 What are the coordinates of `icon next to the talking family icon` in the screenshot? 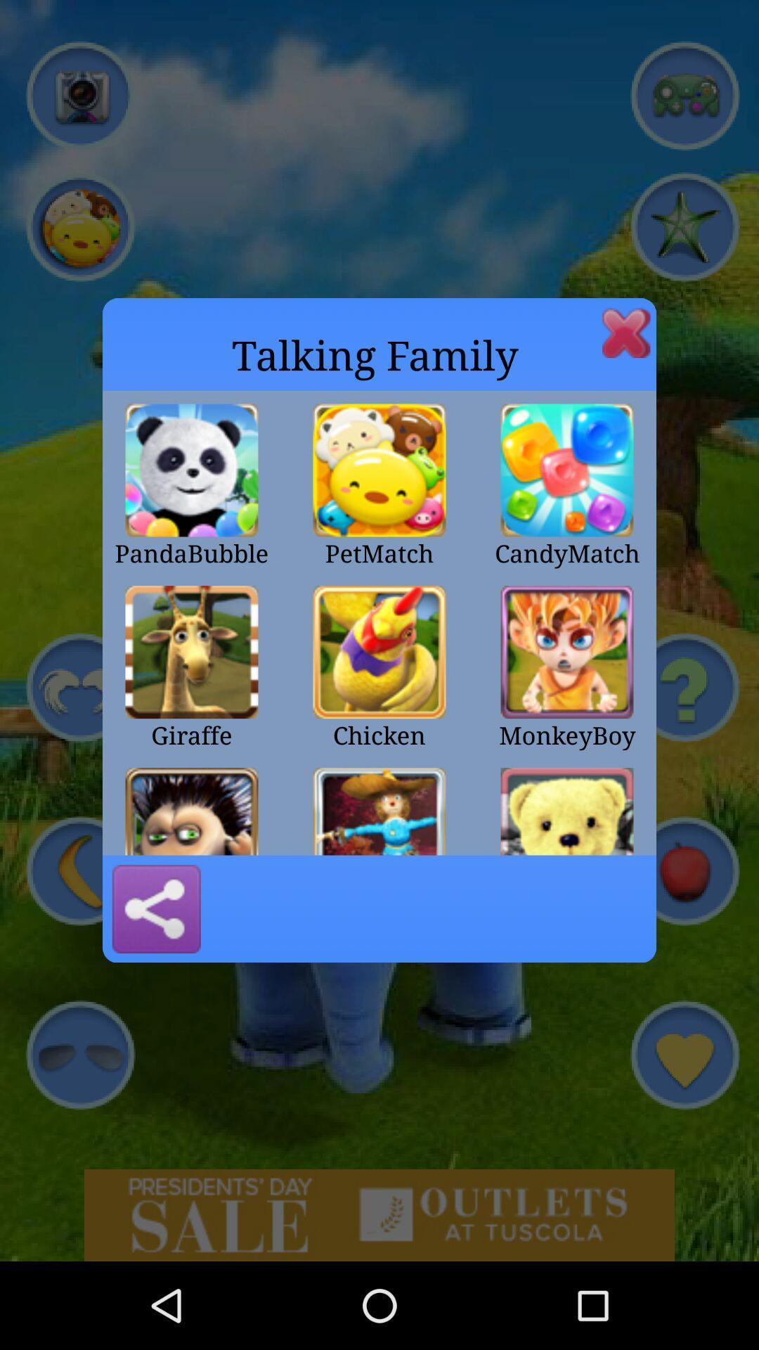 It's located at (625, 332).